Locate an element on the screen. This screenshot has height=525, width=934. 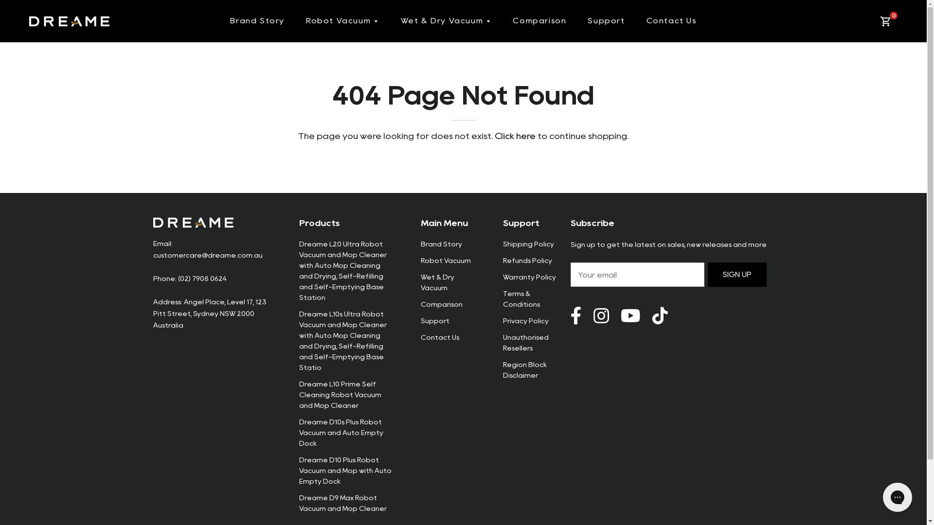
'Contact Us' is located at coordinates (439, 337).